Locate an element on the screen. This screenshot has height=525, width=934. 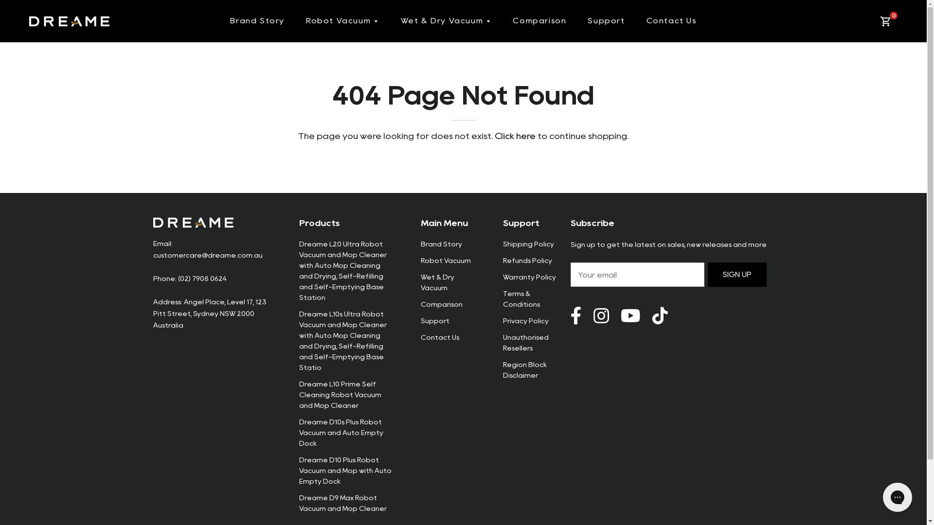
'Contact Us' is located at coordinates (439, 337).